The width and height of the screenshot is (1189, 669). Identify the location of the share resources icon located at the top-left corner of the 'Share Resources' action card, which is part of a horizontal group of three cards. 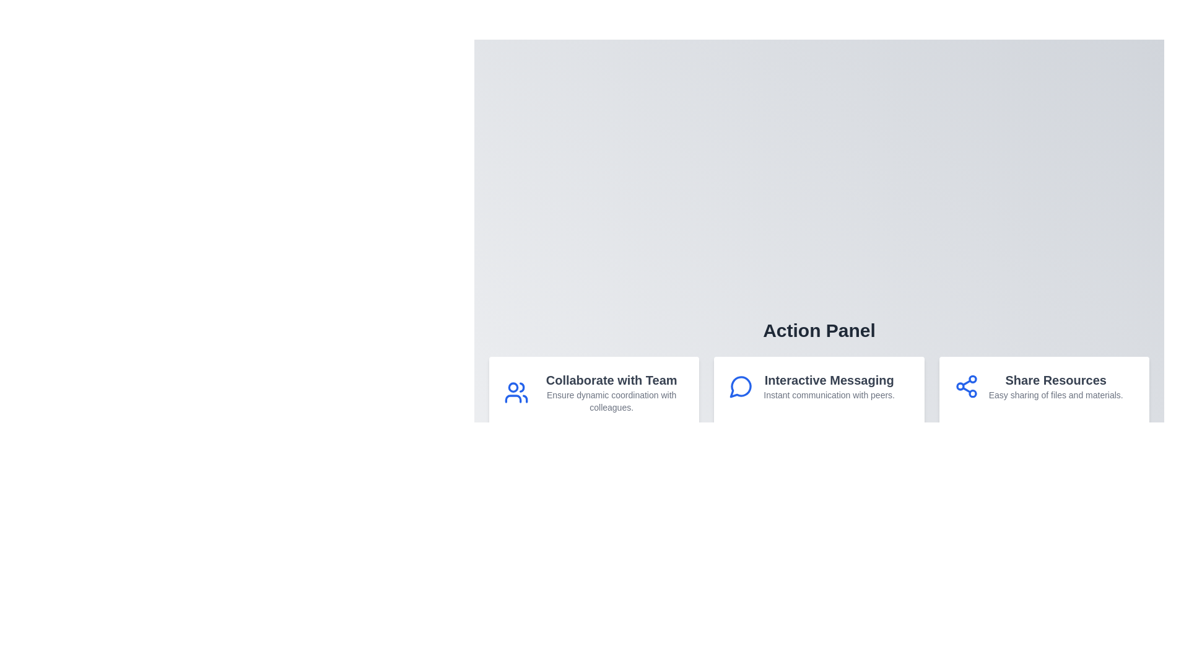
(965, 386).